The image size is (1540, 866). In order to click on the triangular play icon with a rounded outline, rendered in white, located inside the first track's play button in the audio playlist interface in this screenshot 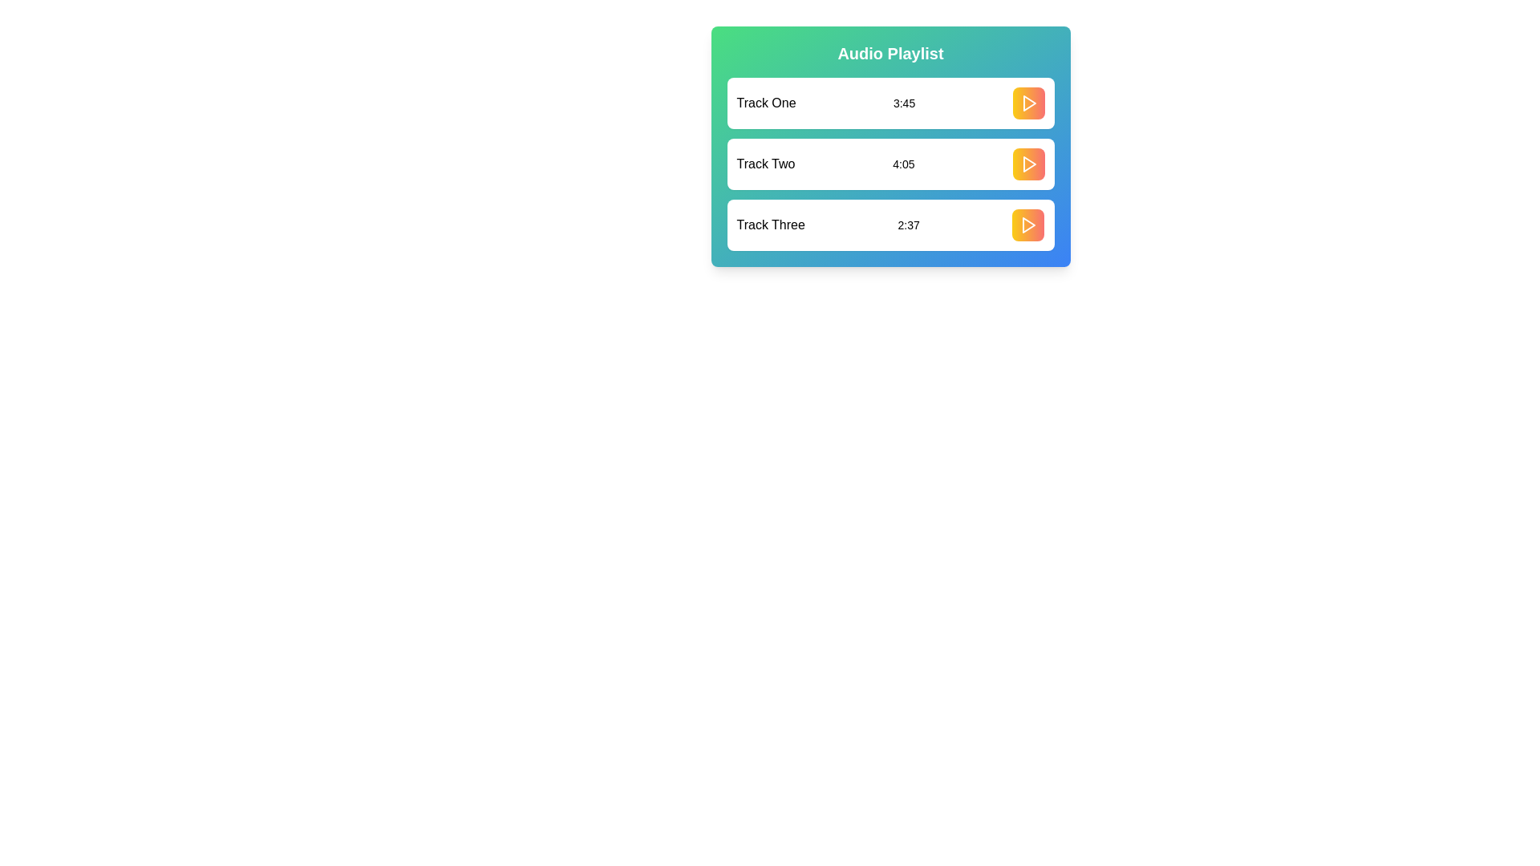, I will do `click(1028, 103)`.